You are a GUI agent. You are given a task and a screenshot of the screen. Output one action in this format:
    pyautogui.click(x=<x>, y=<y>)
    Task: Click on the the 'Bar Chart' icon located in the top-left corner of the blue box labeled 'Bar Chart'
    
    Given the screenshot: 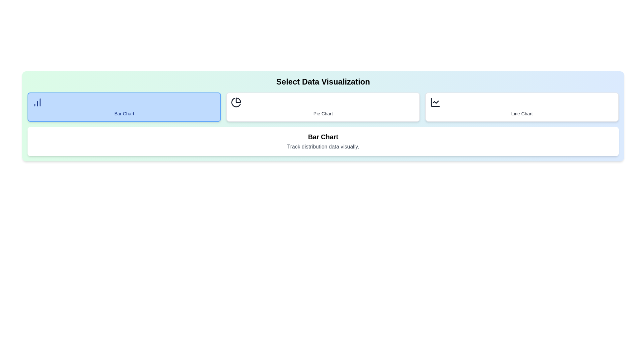 What is the action you would take?
    pyautogui.click(x=37, y=102)
    